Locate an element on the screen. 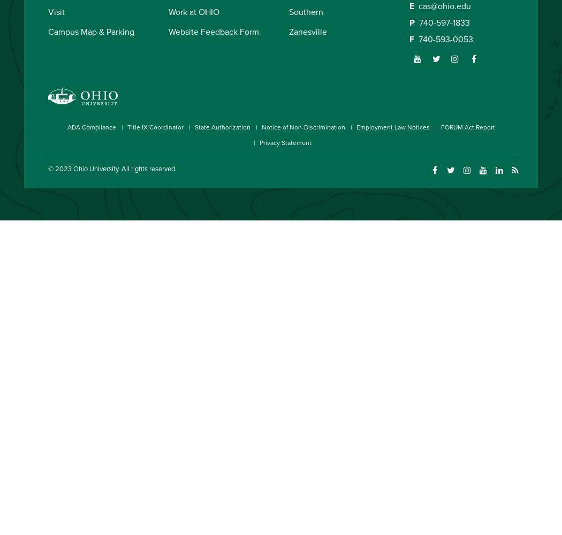 The image size is (562, 535). '740-593-0053' is located at coordinates (445, 39).